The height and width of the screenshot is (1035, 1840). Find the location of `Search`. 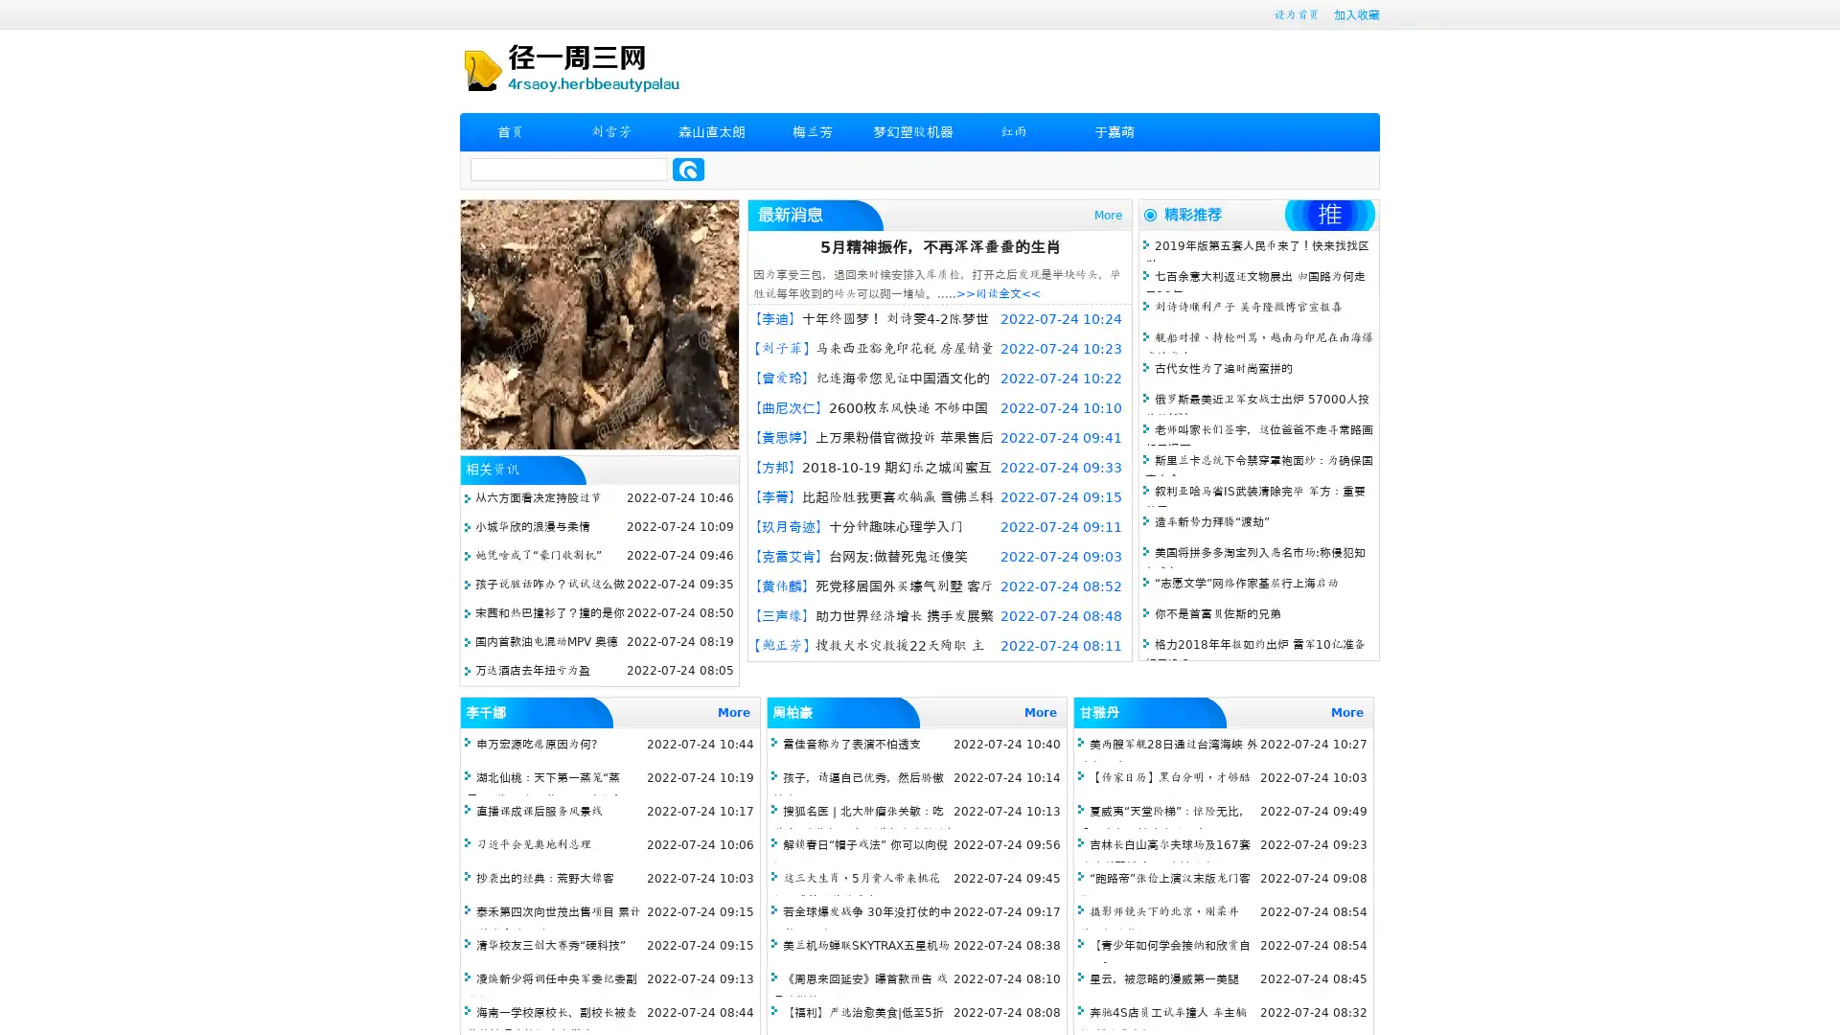

Search is located at coordinates (688, 169).